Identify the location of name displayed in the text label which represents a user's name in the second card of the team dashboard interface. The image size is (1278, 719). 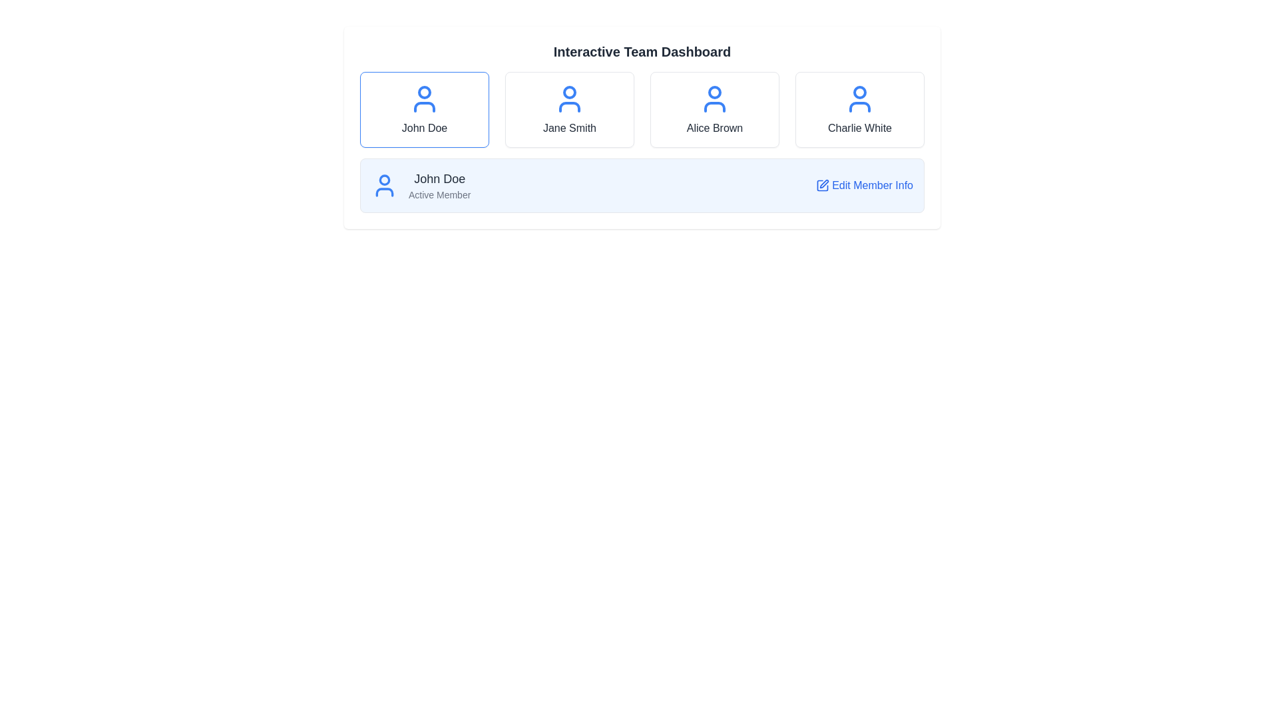
(569, 128).